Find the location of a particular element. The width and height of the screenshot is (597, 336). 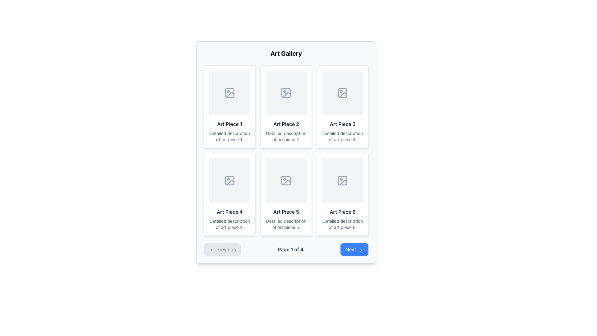

the Decorative rounded rectangle with a light gray fill inside the SVG icon representing 'Art Piece 5' in the second row, second column of the grid is located at coordinates (286, 181).